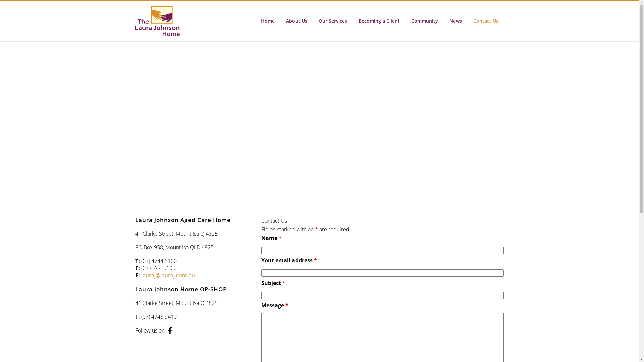 This screenshot has height=362, width=644. Describe the element at coordinates (368, 263) in the screenshot. I see `'Staff Portal'` at that location.